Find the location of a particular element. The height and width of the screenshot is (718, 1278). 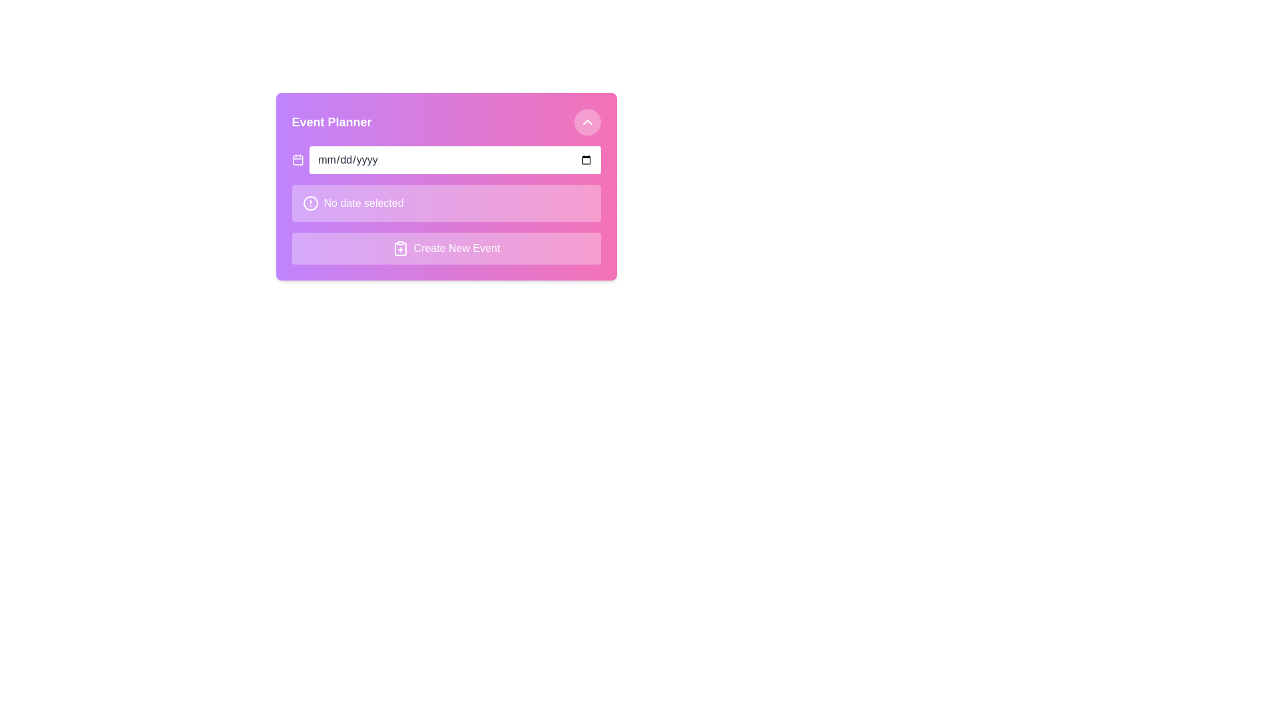

the status message placeholder located in the second section of the event creation form, below the date input field, to initiate further interactions is located at coordinates (446, 205).